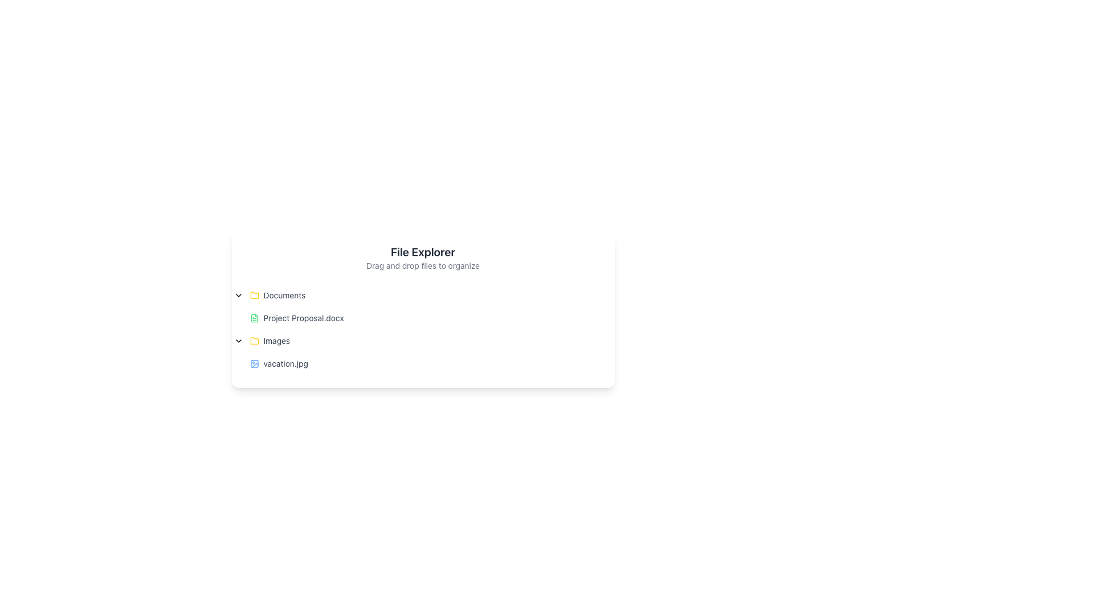  I want to click on the small geometric shape within the image icon associated with 'vacation.jpg' to use it as part of the file selection UI, so click(254, 364).